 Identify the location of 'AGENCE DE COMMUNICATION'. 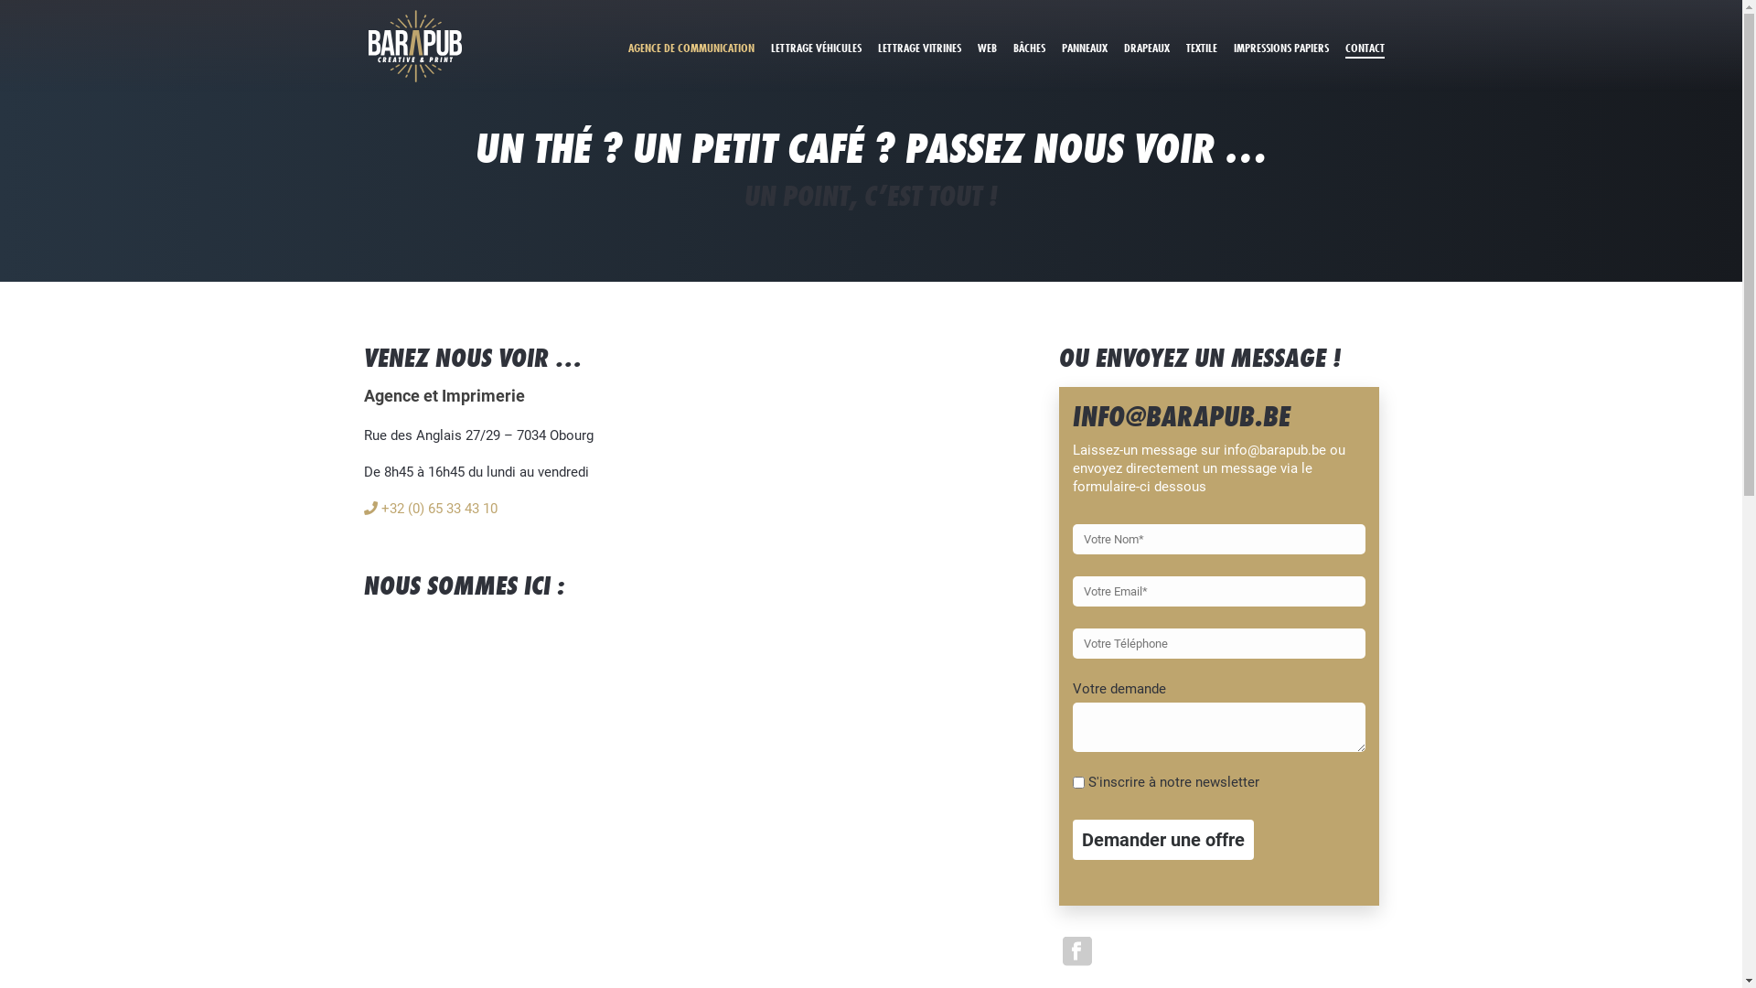
(691, 46).